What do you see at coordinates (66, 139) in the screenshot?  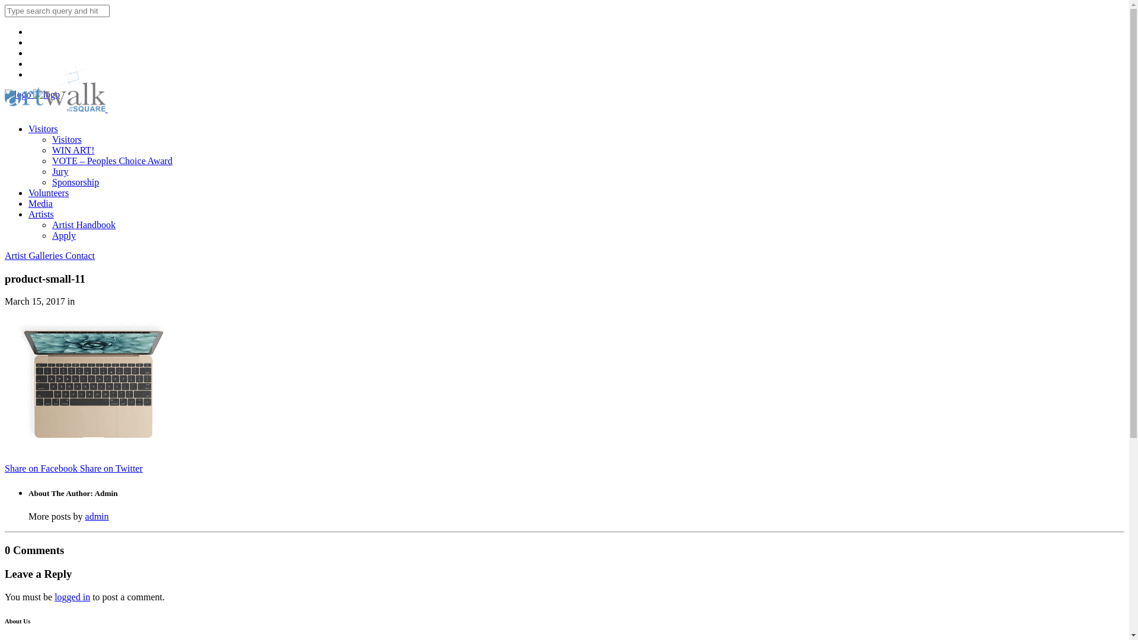 I see `'Visitors'` at bounding box center [66, 139].